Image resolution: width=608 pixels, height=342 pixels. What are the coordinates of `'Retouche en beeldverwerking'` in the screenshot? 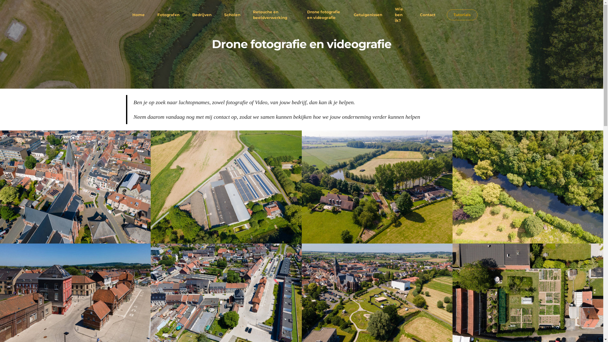 It's located at (273, 14).